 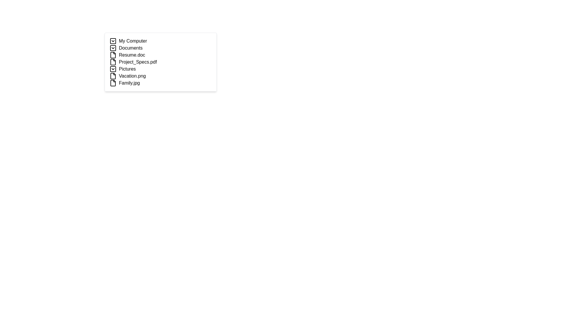 What do you see at coordinates (161, 83) in the screenshot?
I see `the file entry labeled 'Family.jpg'` at bounding box center [161, 83].